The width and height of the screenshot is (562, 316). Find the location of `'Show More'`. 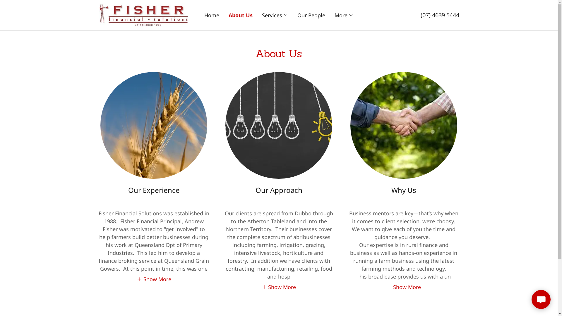

'Show More' is located at coordinates (136, 278).